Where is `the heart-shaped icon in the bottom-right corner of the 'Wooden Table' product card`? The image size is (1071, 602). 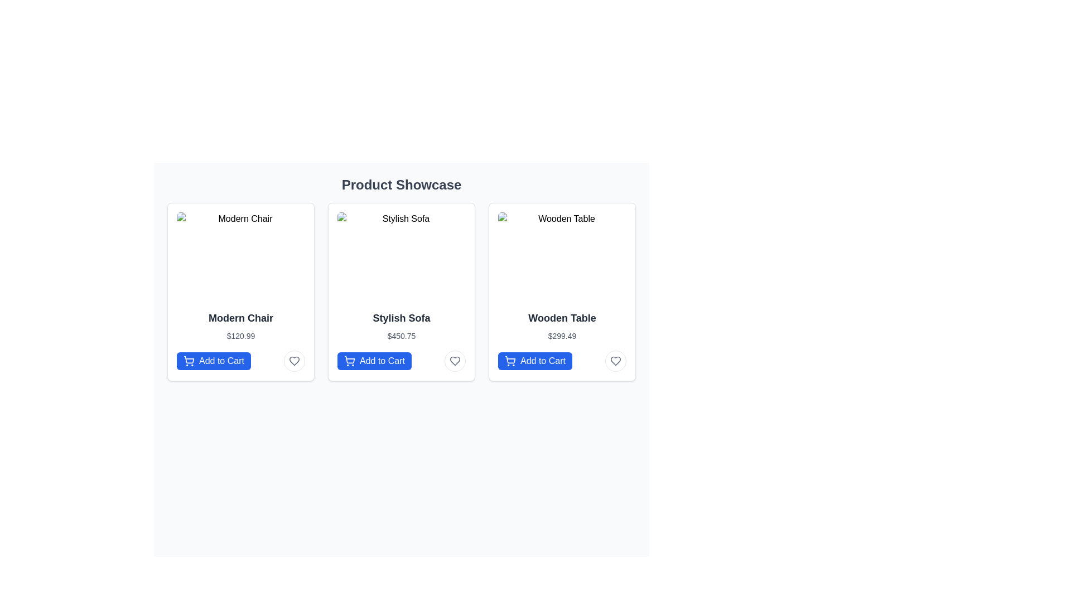
the heart-shaped icon in the bottom-right corner of the 'Wooden Table' product card is located at coordinates (615, 361).